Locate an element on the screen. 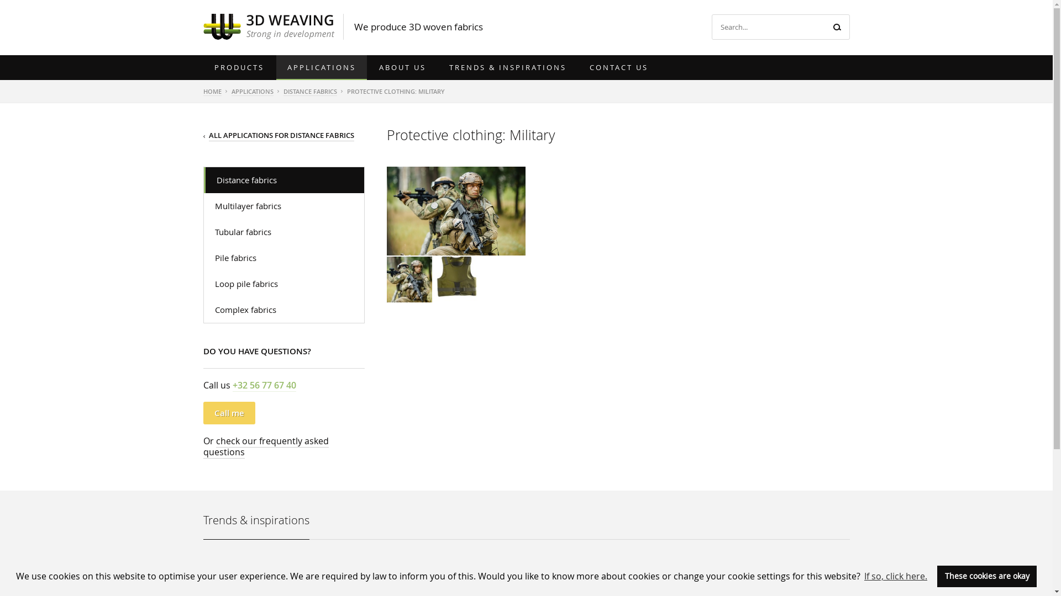  '3D Weaving' is located at coordinates (269, 26).